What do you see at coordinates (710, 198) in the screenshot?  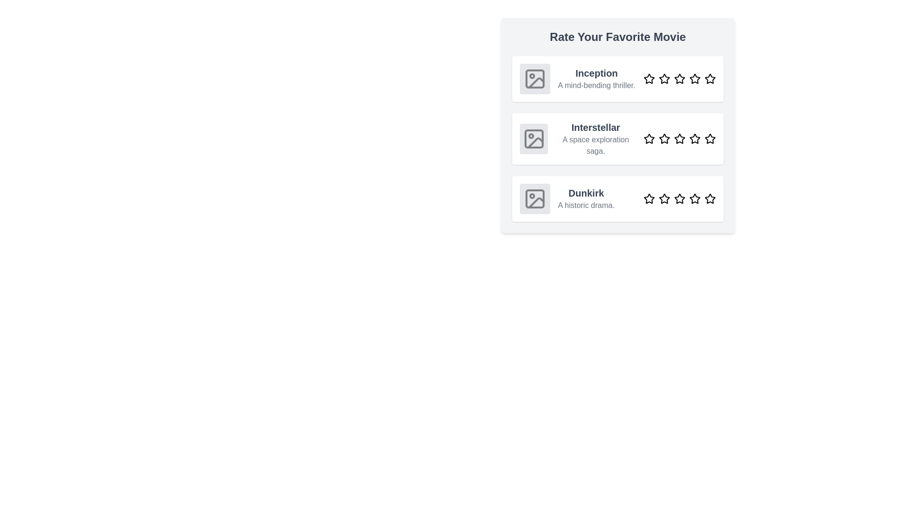 I see `the fifth star rating icon for the movie 'Dunkirk'` at bounding box center [710, 198].